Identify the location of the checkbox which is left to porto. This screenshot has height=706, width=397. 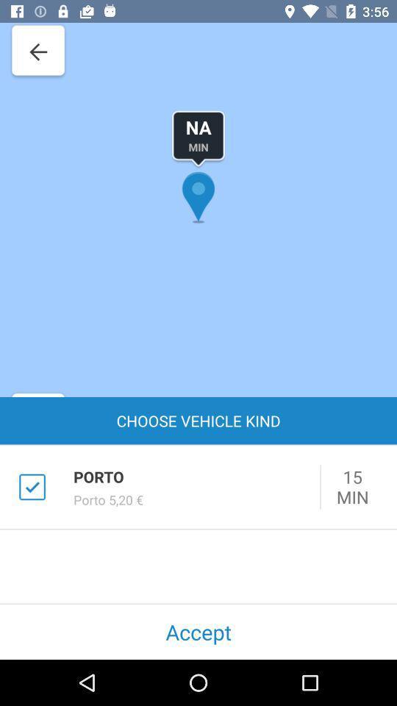
(32, 487).